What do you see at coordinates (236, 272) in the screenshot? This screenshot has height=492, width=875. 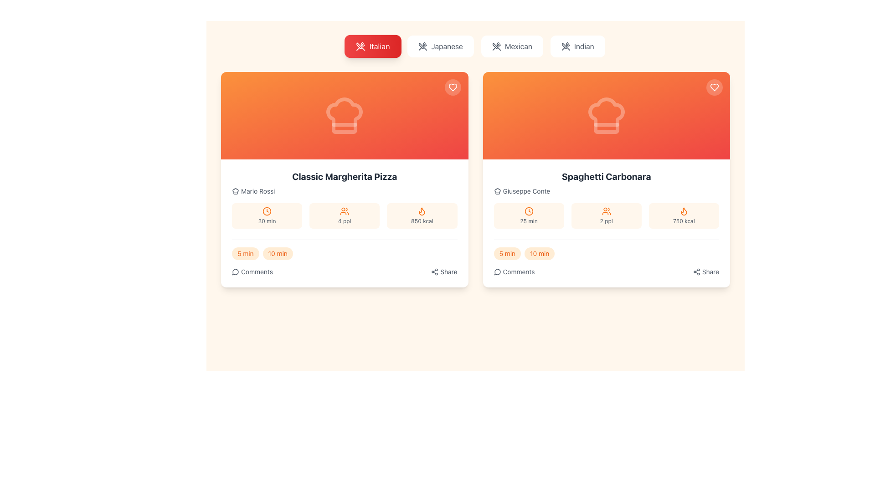 I see `the small circular icon resembling a speech bubble located to the left of the text 'Comments' in the interactive section below the recipe card for 'Classic Margherita Pizza'` at bounding box center [236, 272].